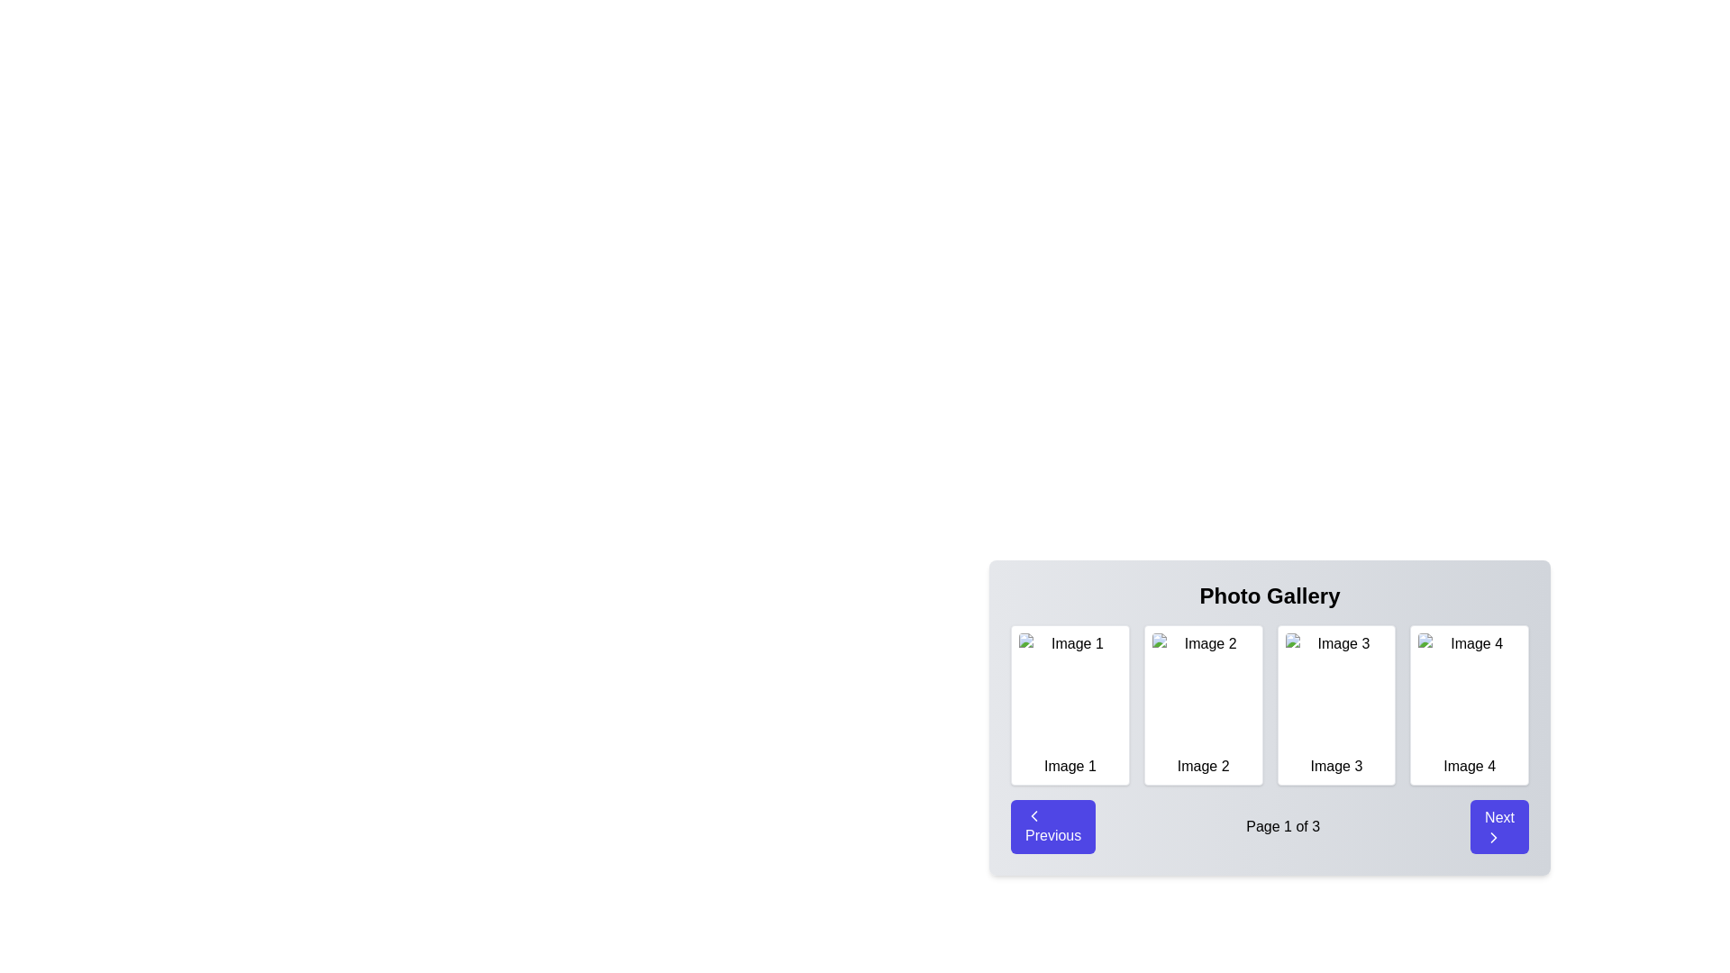  What do you see at coordinates (1203, 705) in the screenshot?
I see `the Card element, which is the second item in a grid layout of four, providing visual representation of an image or data entry` at bounding box center [1203, 705].